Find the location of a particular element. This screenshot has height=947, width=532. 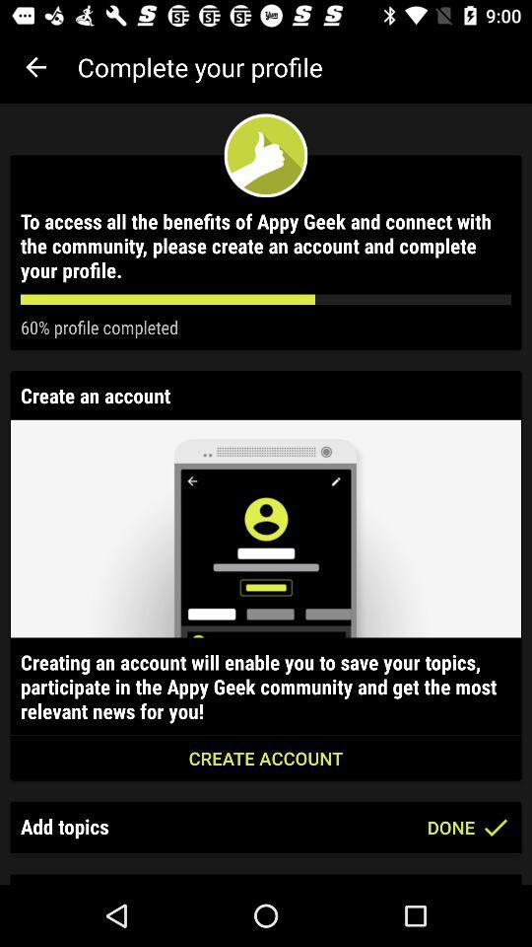

the arrow_backward icon is located at coordinates (35, 67).